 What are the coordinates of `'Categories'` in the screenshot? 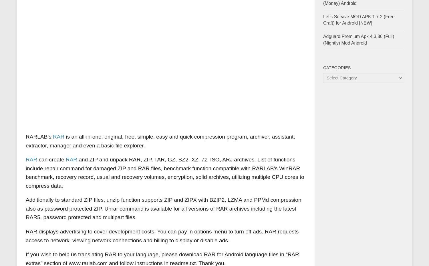 It's located at (323, 67).